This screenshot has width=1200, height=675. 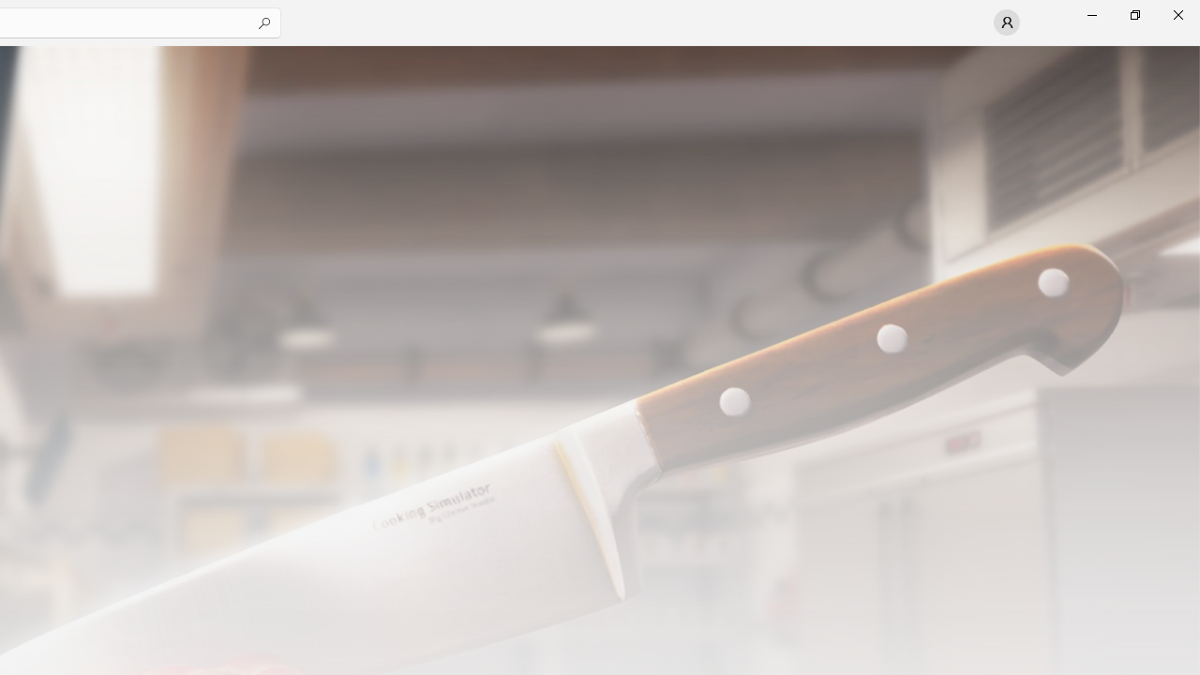 I want to click on 'Close Microsoft Store', so click(x=1177, y=14).